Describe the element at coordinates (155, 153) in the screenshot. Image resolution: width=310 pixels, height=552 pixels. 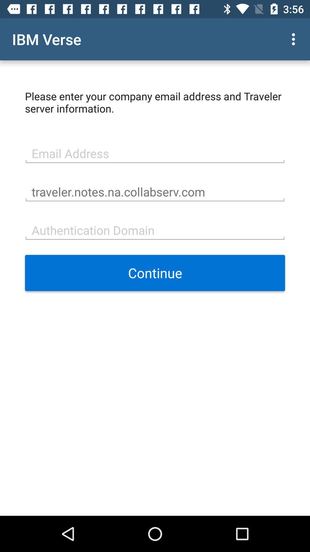
I see `icon above traveler notes na` at that location.